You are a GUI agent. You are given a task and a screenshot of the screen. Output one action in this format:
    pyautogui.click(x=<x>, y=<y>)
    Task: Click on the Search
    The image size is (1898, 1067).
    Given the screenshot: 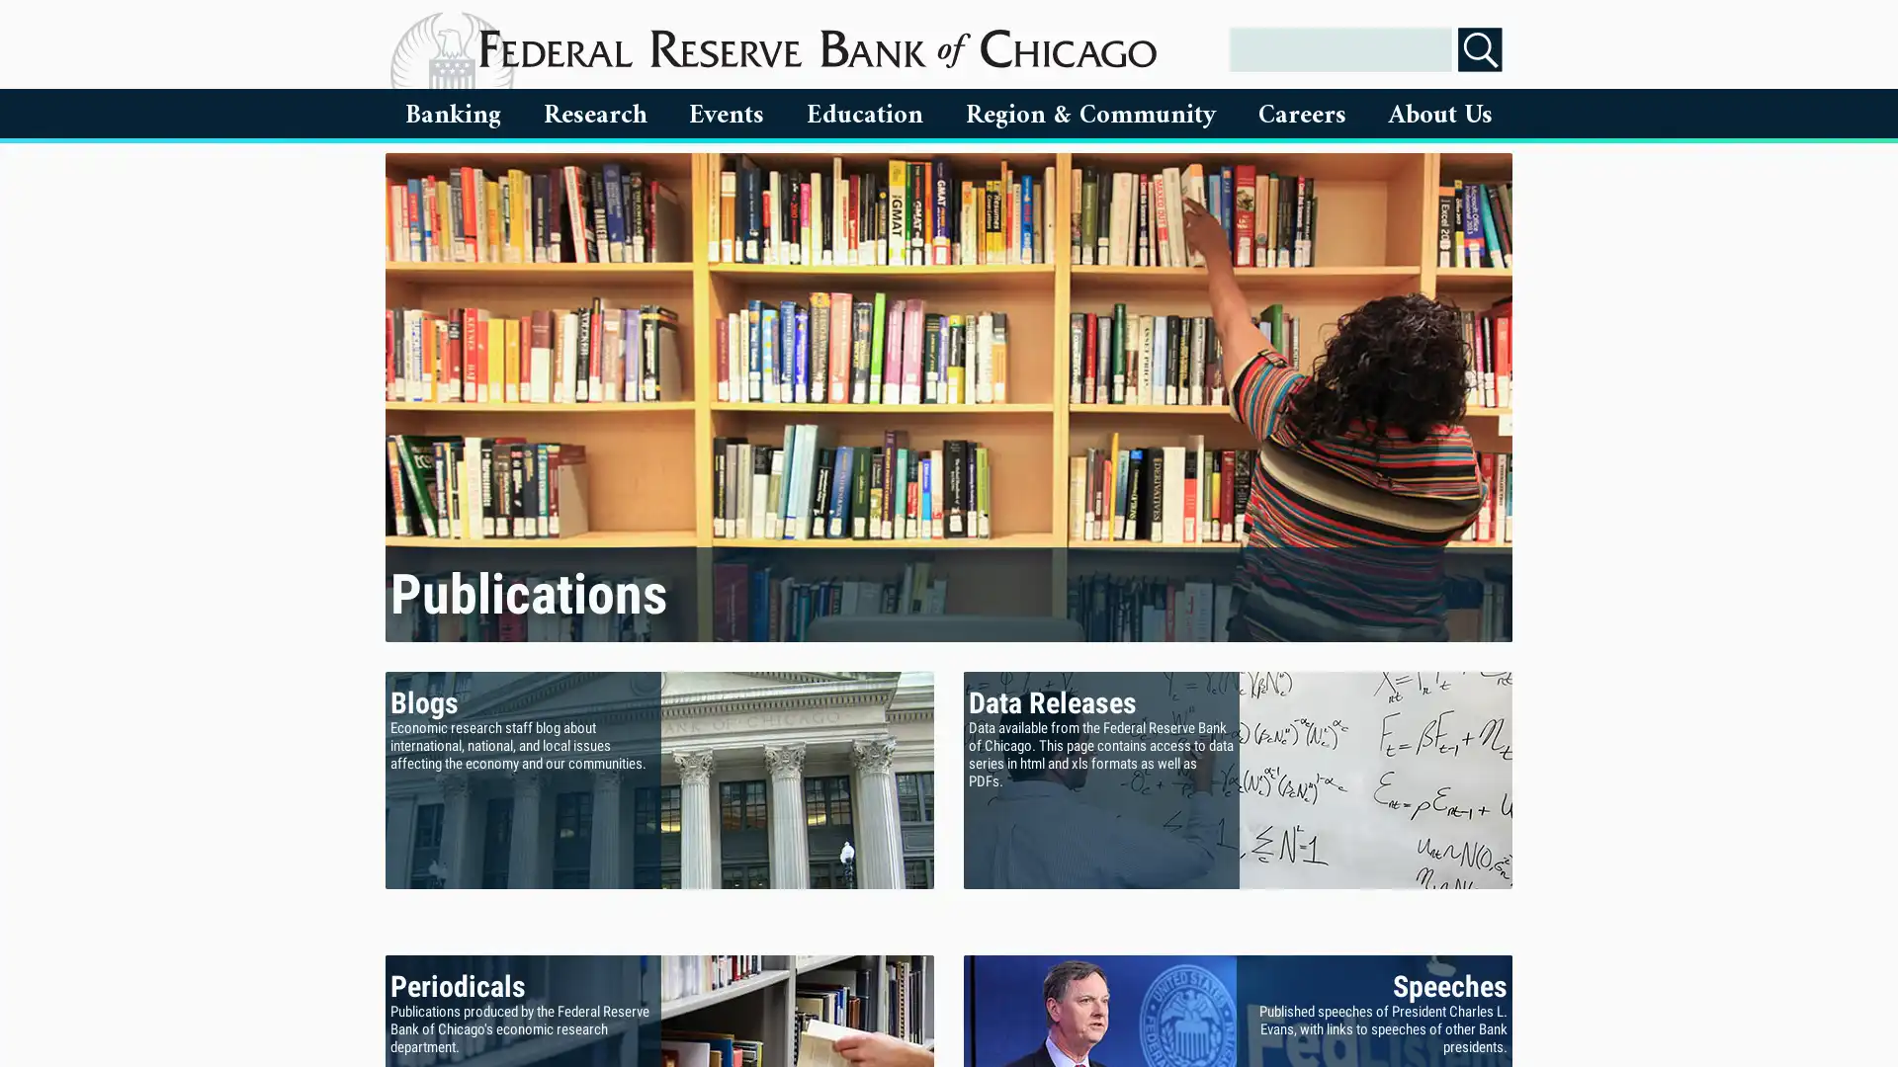 What is the action you would take?
    pyautogui.click(x=1480, y=48)
    